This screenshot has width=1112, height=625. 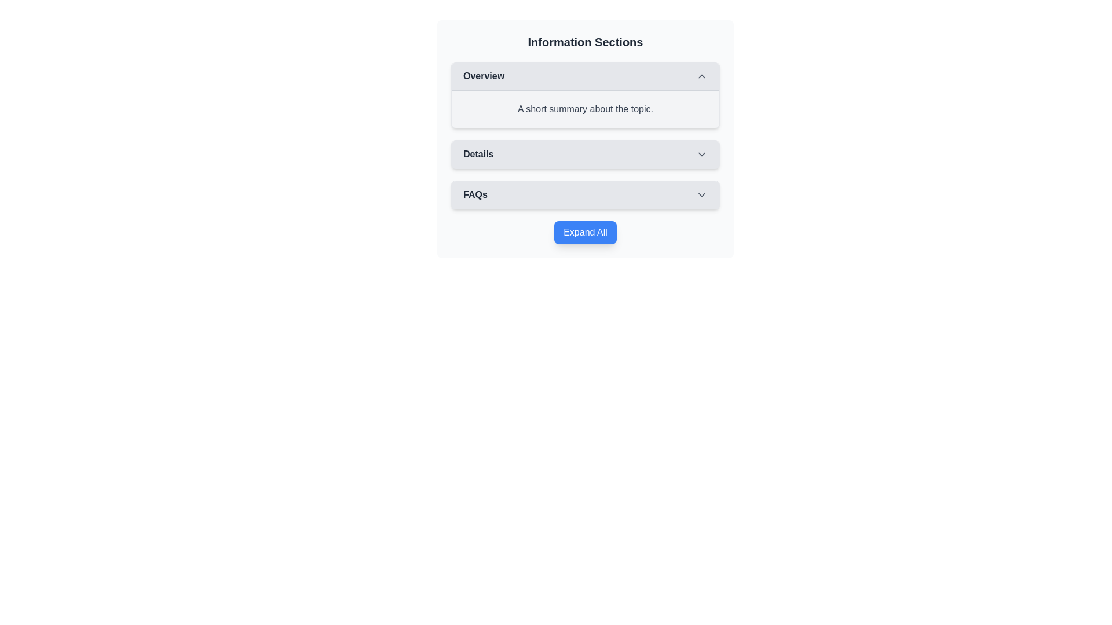 I want to click on the upward-pointing chevron icon button located at the far-right side of the 'Overview' section header to trigger visual feedback, so click(x=701, y=76).